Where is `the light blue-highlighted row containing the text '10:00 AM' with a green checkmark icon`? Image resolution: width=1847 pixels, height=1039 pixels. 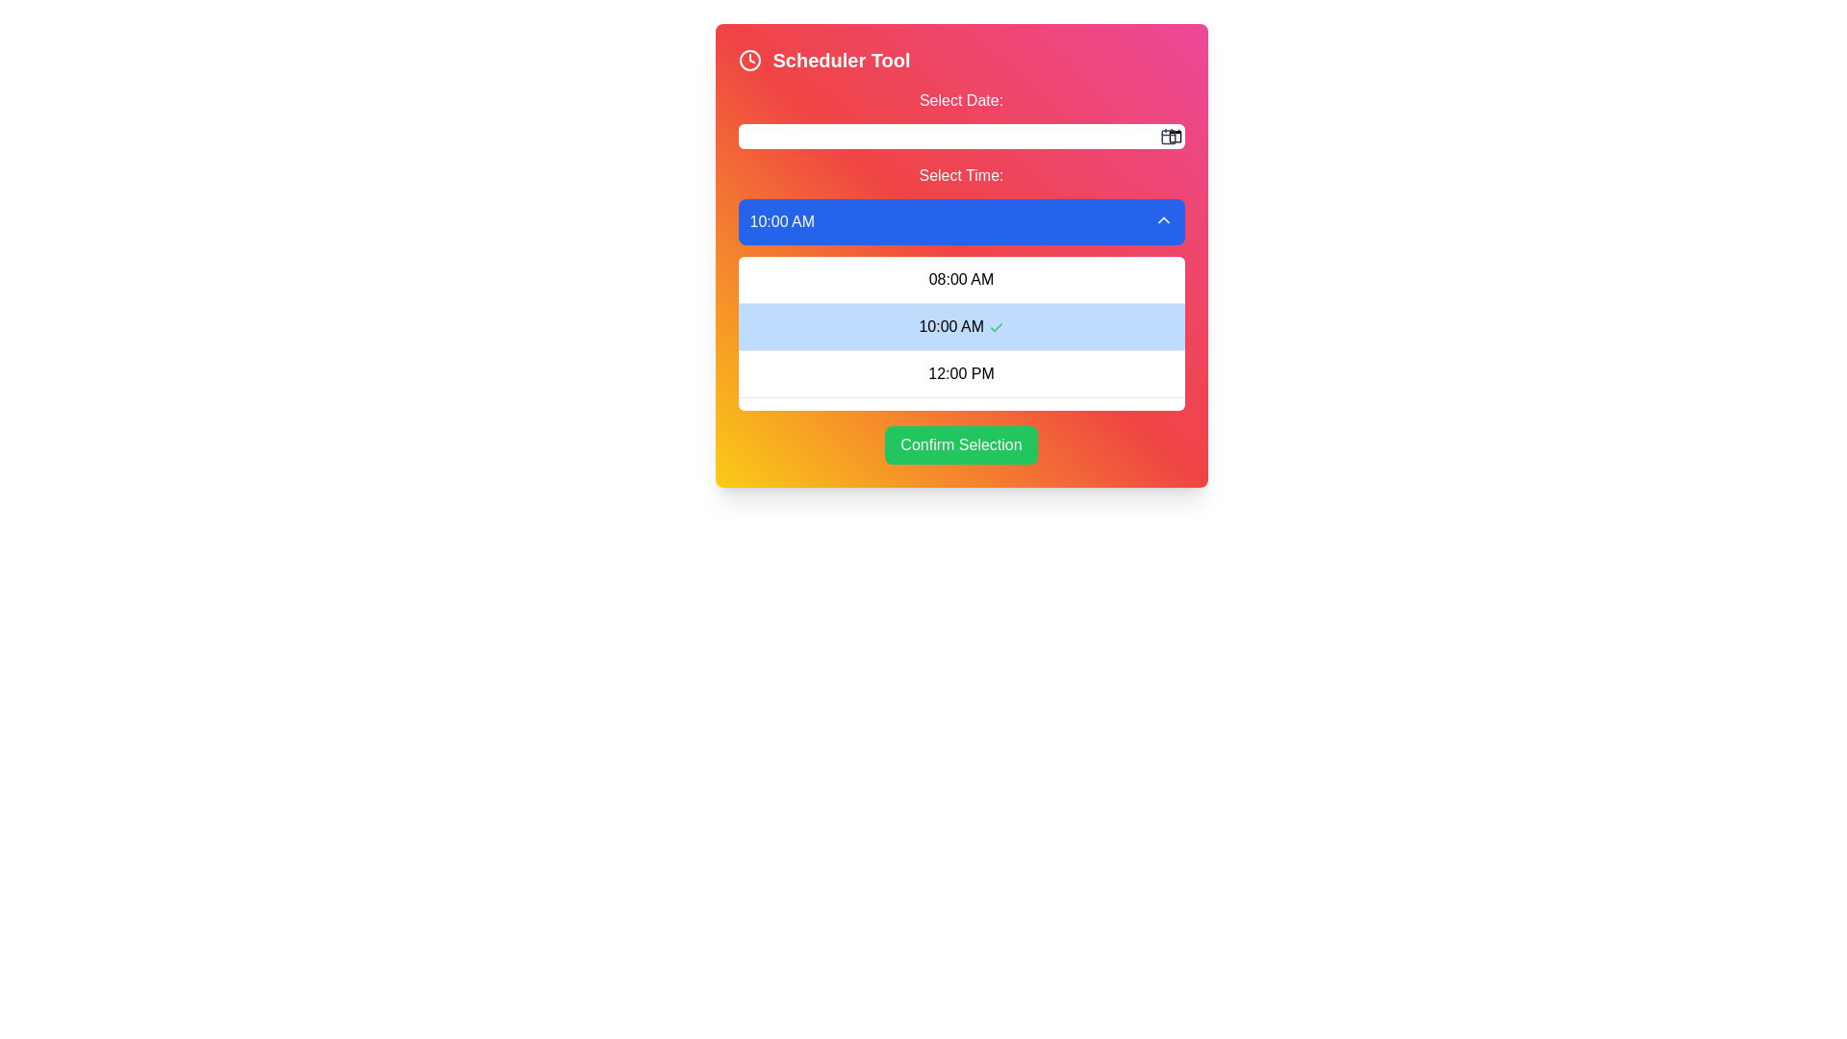 the light blue-highlighted row containing the text '10:00 AM' with a green checkmark icon is located at coordinates (961, 333).